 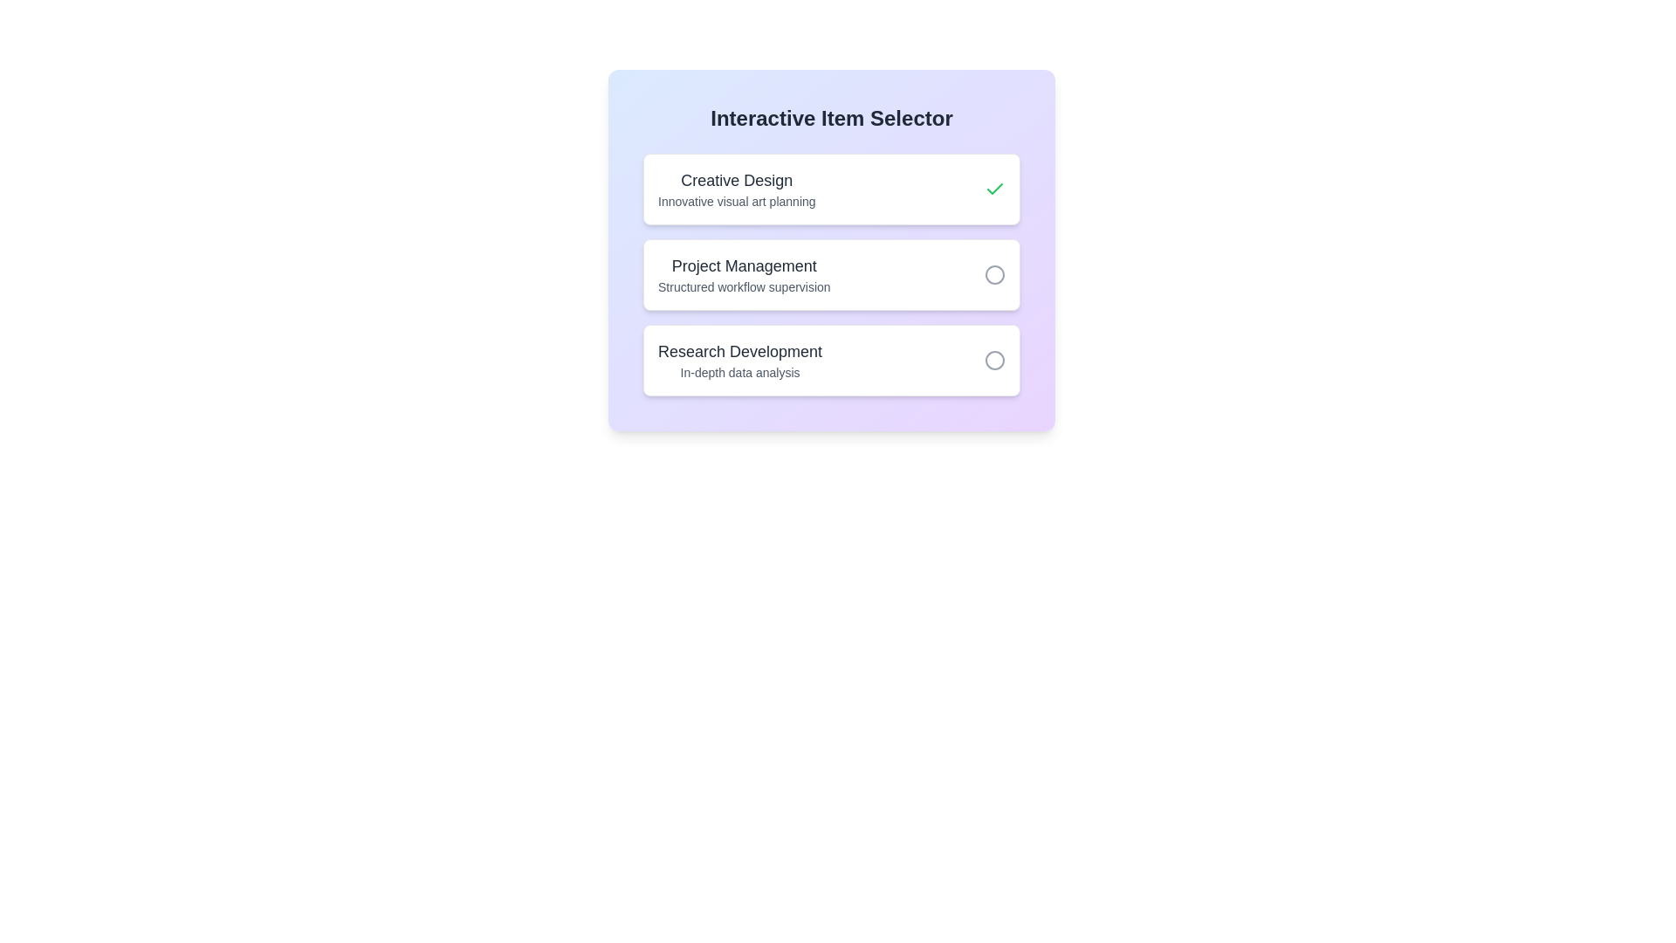 What do you see at coordinates (831, 118) in the screenshot?
I see `the header text to focus on it` at bounding box center [831, 118].